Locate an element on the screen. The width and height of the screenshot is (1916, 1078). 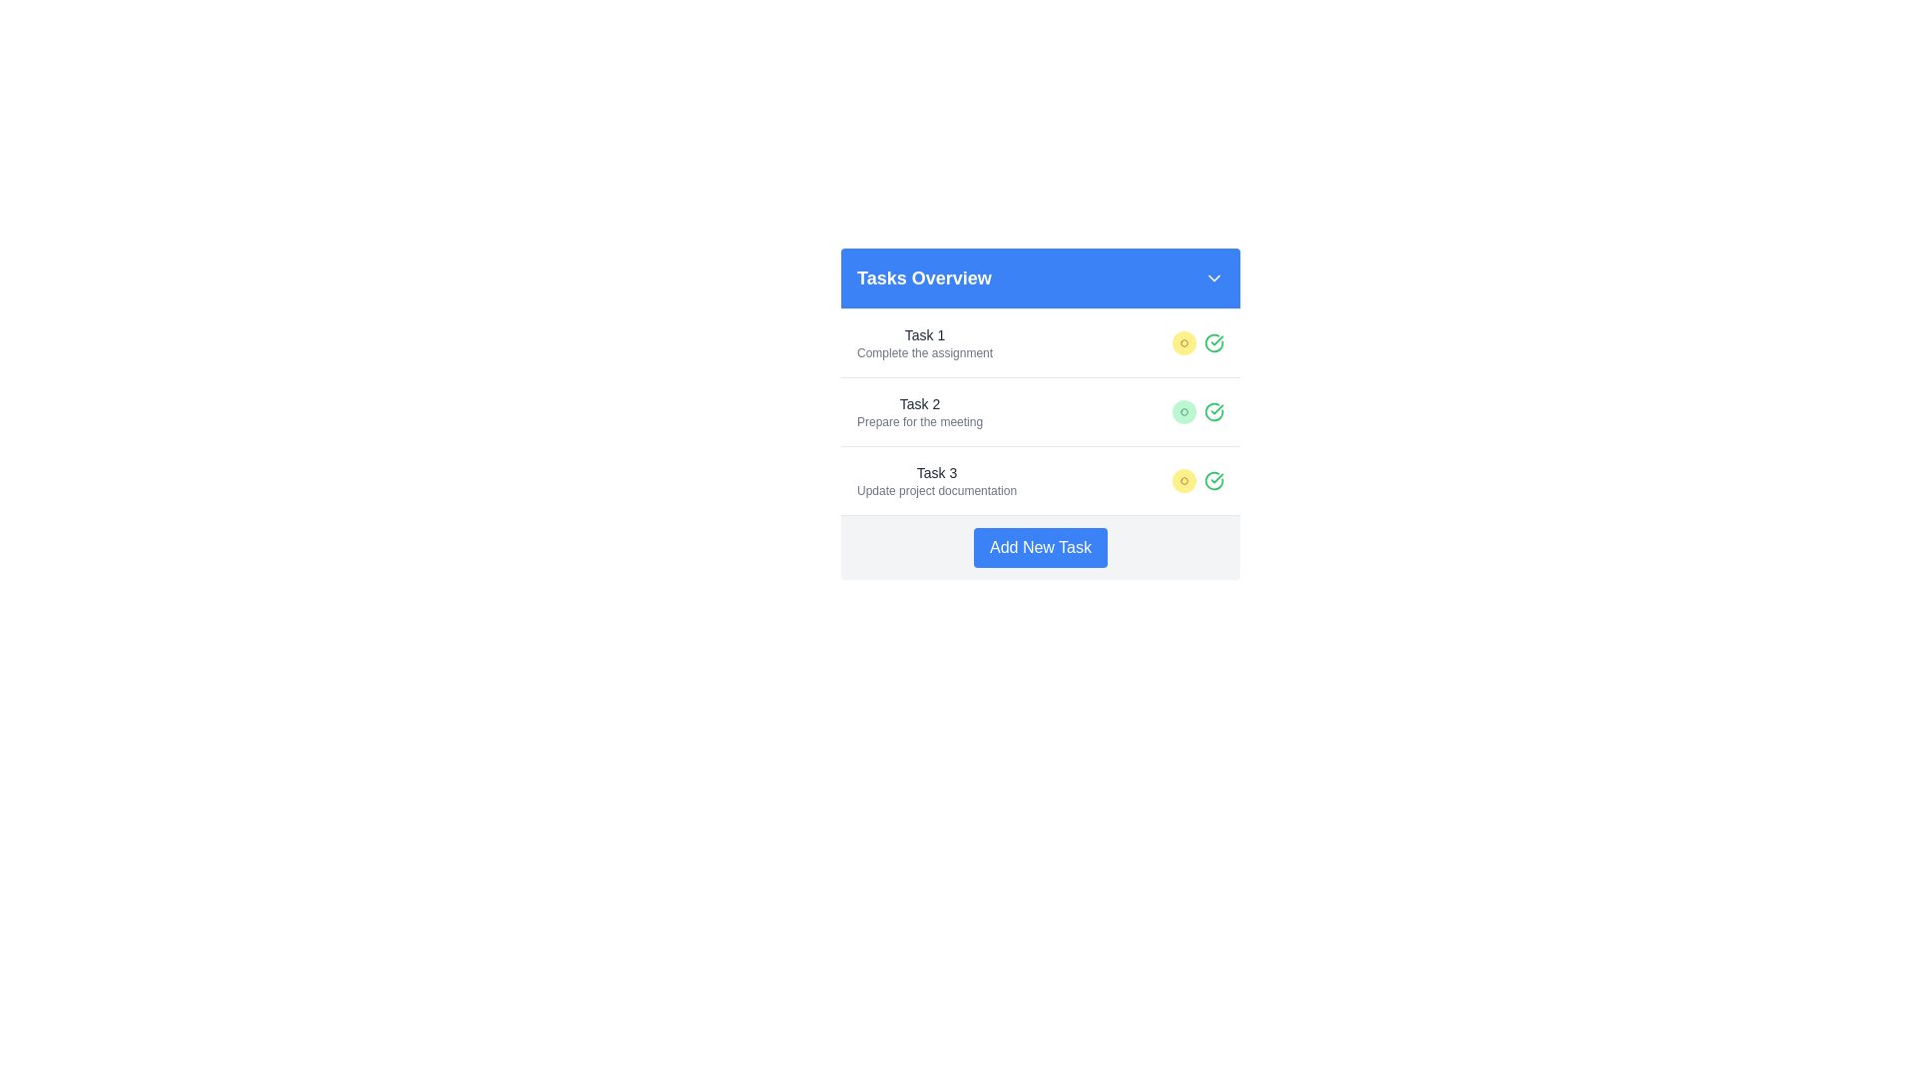
the status label indicating 'pending' for the task 'Task 3 Update project documentation', which is located in the third row of the task list, right next to a green circle with a checkmark is located at coordinates (1197, 481).